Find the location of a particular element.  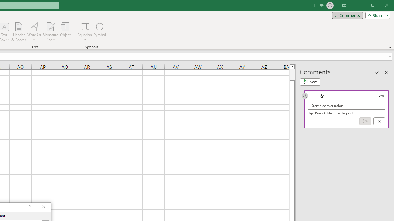

'Start a conversation' is located at coordinates (347, 105).